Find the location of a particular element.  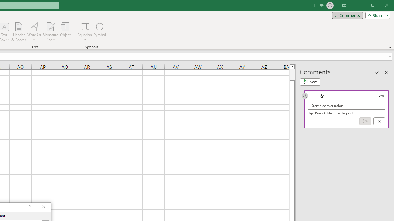

'Start a conversation' is located at coordinates (347, 105).